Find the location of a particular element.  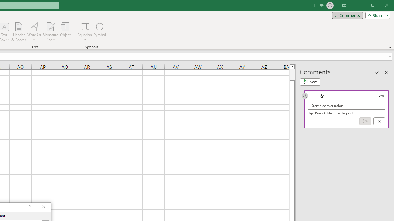

'Start a conversation' is located at coordinates (347, 105).